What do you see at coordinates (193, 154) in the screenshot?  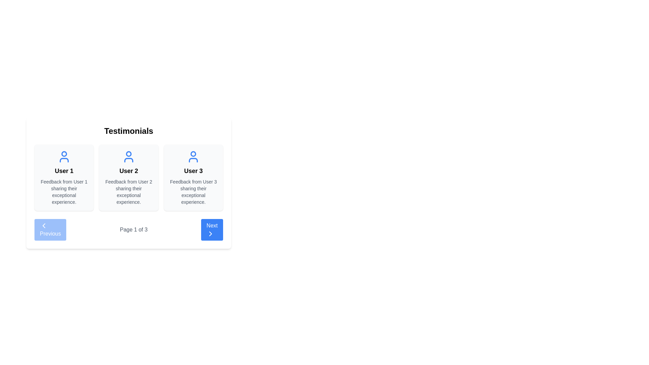 I see `the blue circular head of the user icon in the 'User 3' testimonial card, which is centrally aligned at the top of the user figure` at bounding box center [193, 154].